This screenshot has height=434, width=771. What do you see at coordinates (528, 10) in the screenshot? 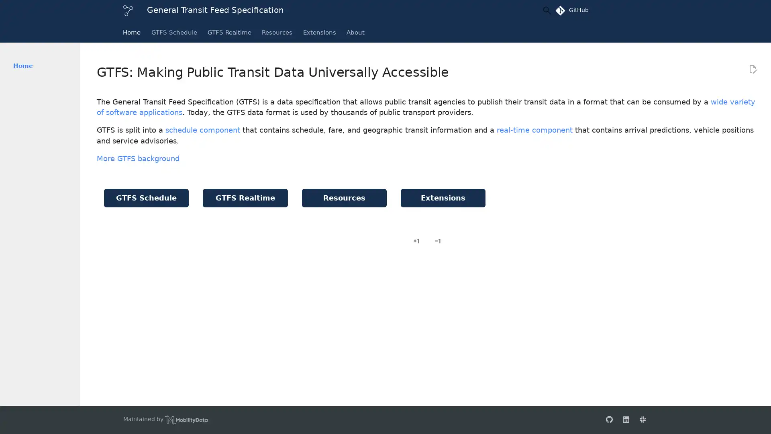
I see `Clear` at bounding box center [528, 10].